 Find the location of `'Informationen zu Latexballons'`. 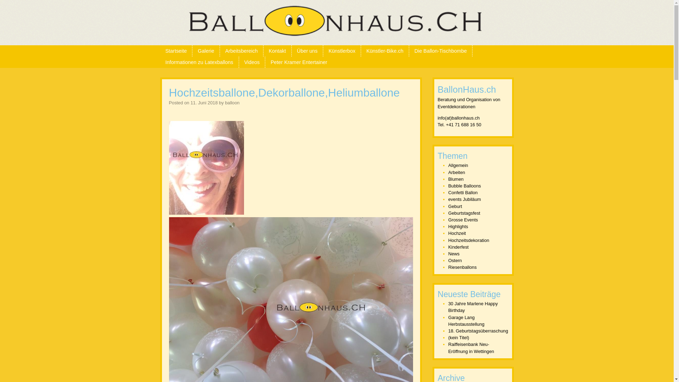

'Informationen zu Latexballons' is located at coordinates (159, 62).